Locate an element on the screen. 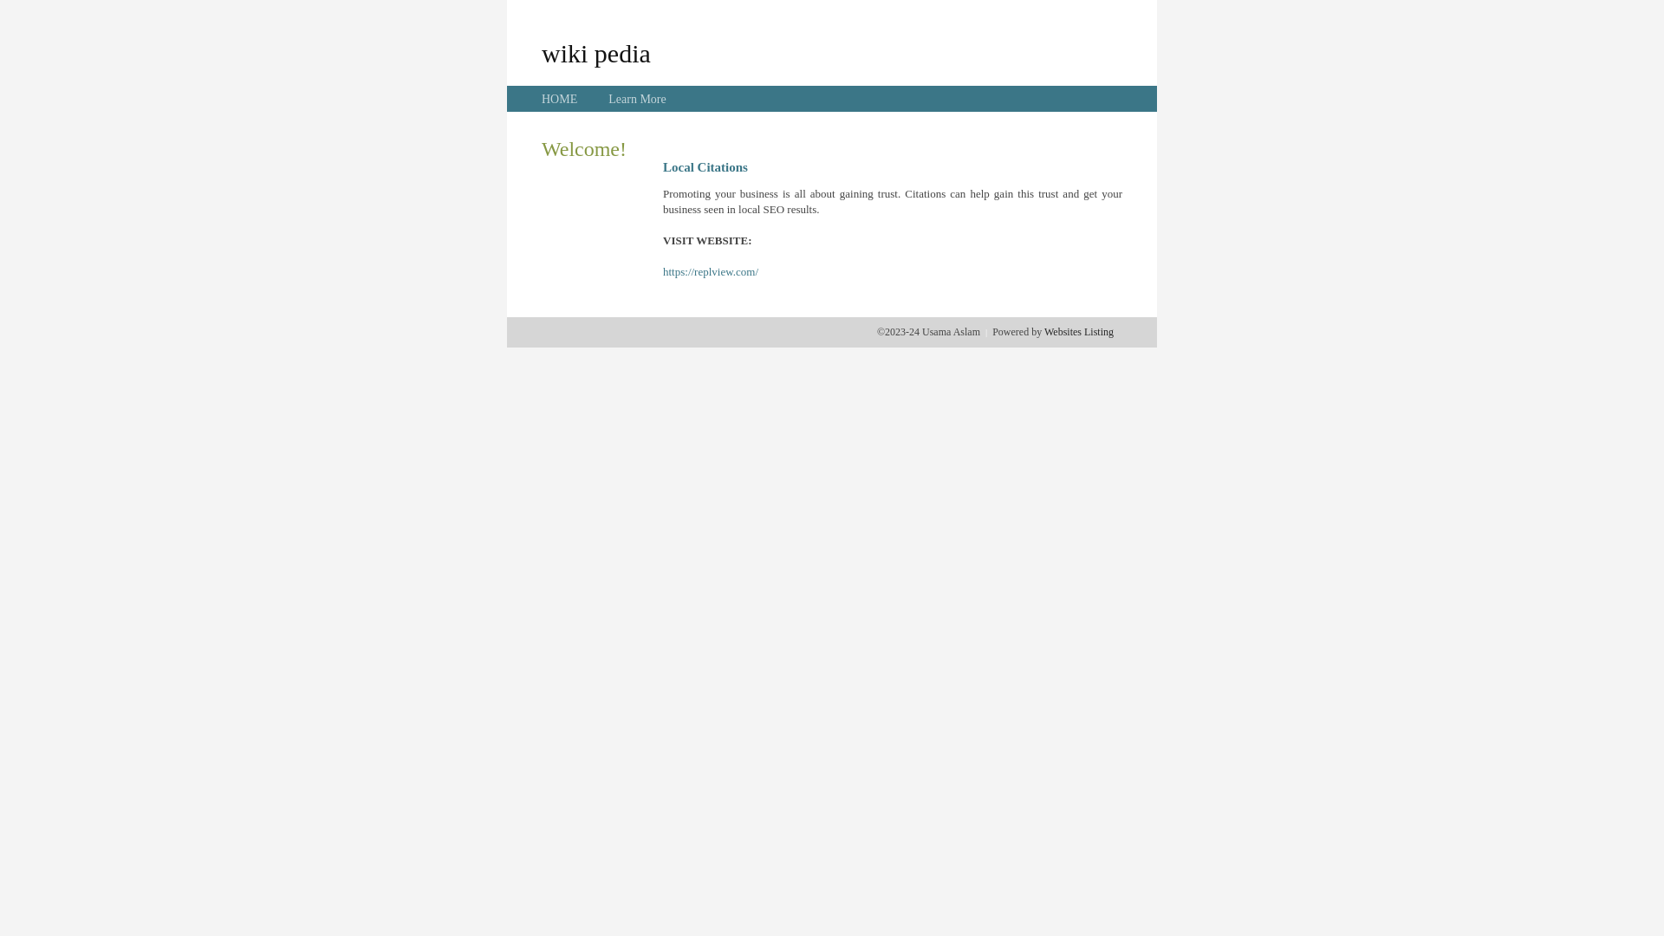 Image resolution: width=1664 pixels, height=936 pixels. 'wiki pedia' is located at coordinates (595, 52).